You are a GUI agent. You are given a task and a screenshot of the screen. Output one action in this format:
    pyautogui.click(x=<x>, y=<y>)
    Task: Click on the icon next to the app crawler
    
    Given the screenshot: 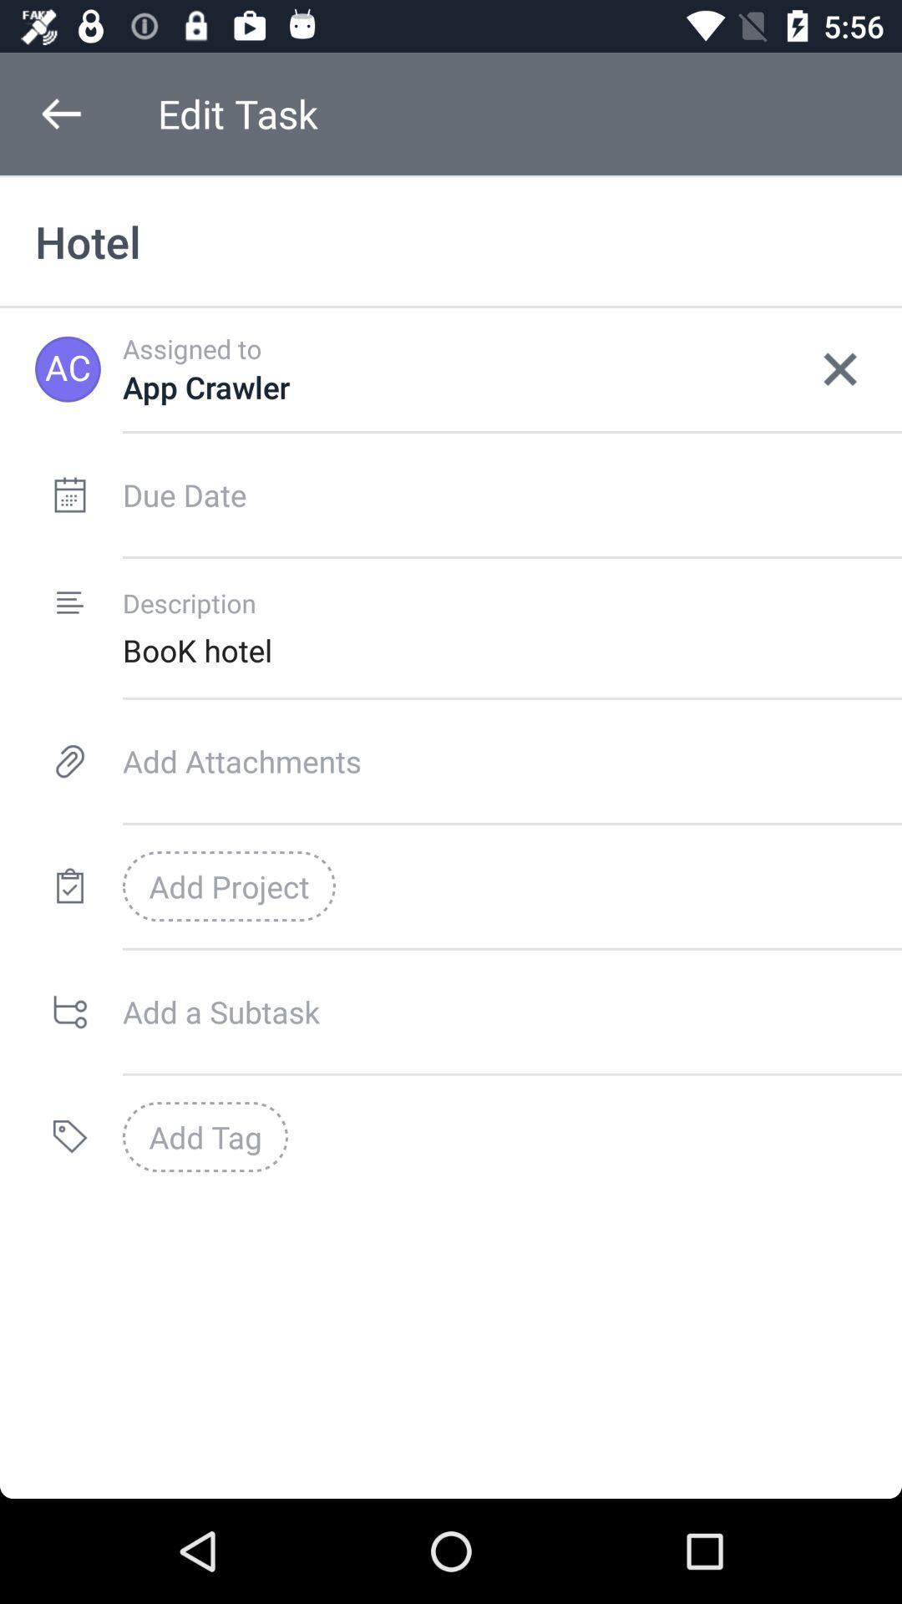 What is the action you would take?
    pyautogui.click(x=840, y=368)
    